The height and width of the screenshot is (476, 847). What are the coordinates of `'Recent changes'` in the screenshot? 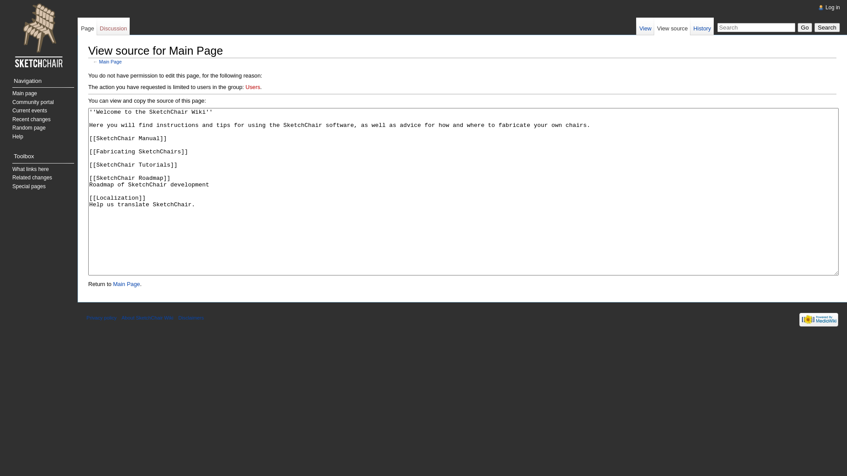 It's located at (31, 119).